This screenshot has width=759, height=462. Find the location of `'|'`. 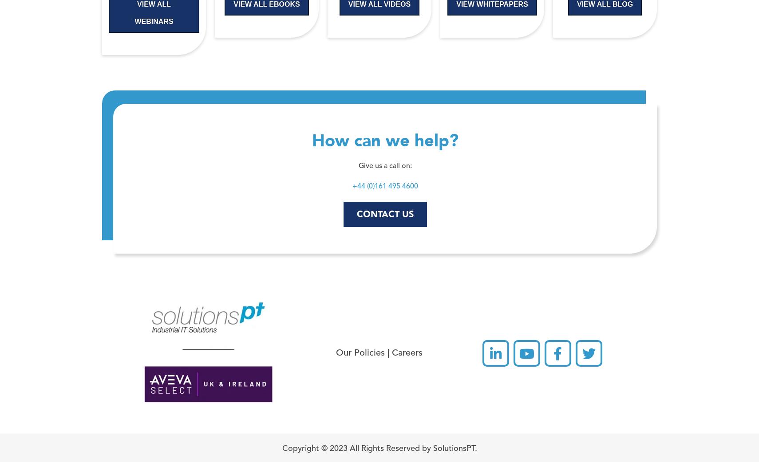

'|' is located at coordinates (388, 353).